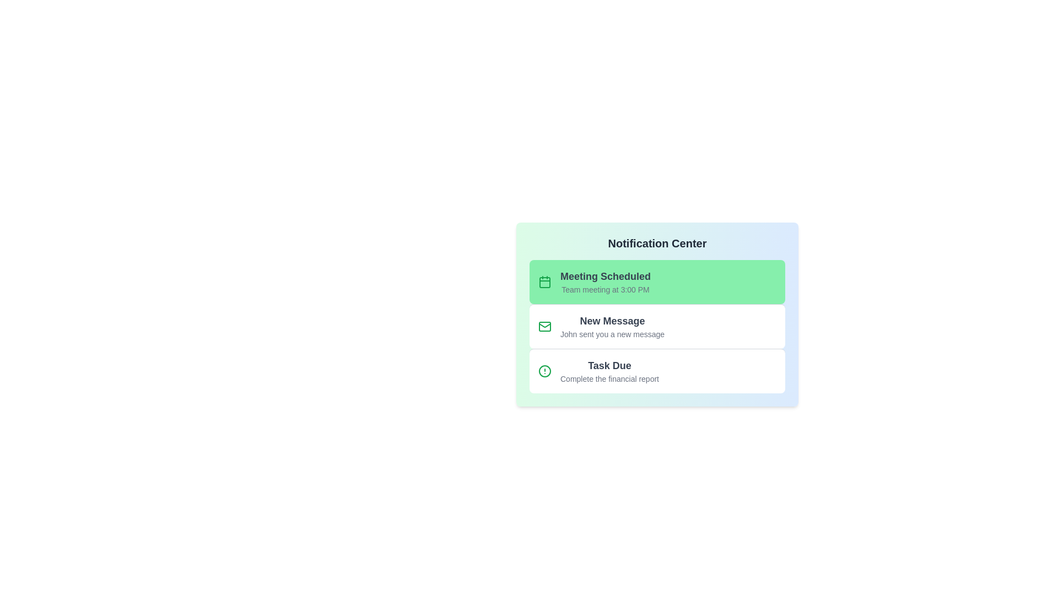  Describe the element at coordinates (657, 282) in the screenshot. I see `the notification item Meeting Scheduled to observe its hover effect` at that location.